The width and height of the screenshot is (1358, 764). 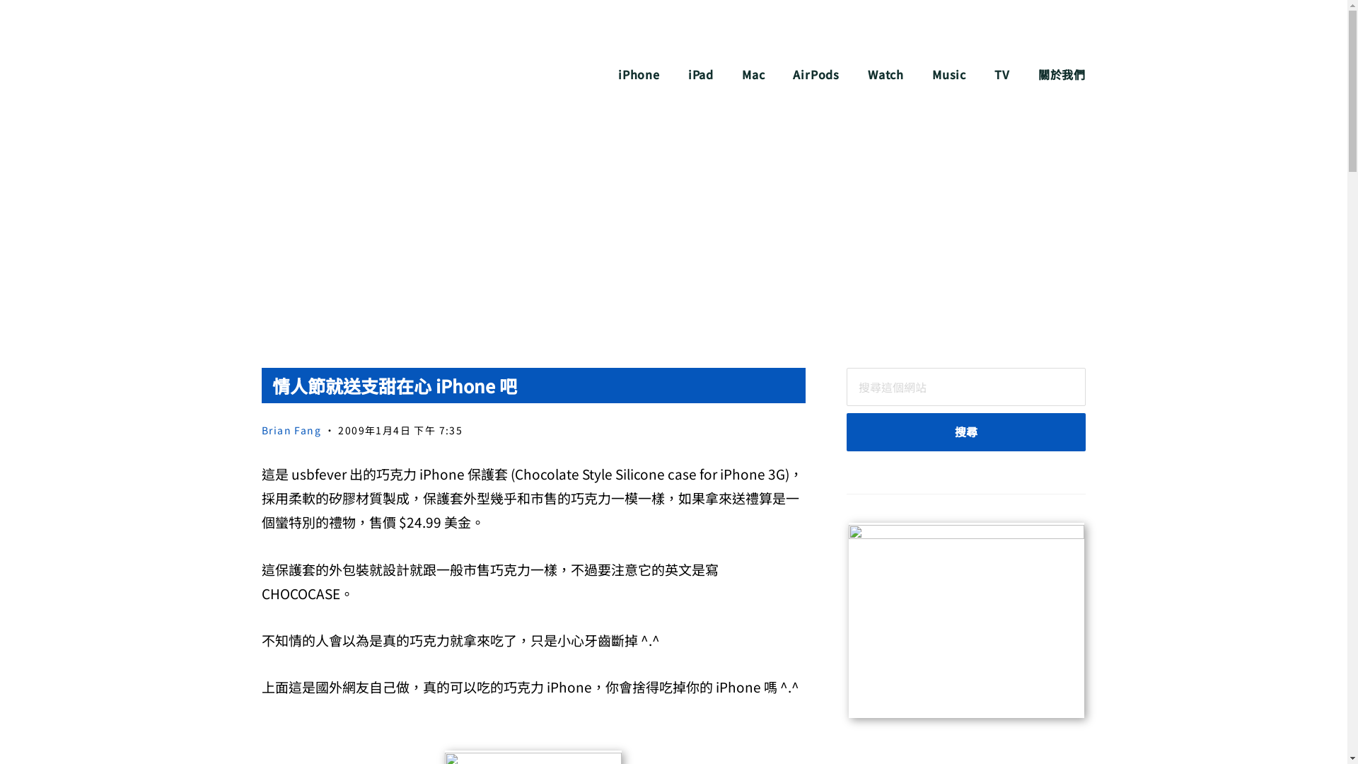 What do you see at coordinates (816, 74) in the screenshot?
I see `'AirPods'` at bounding box center [816, 74].